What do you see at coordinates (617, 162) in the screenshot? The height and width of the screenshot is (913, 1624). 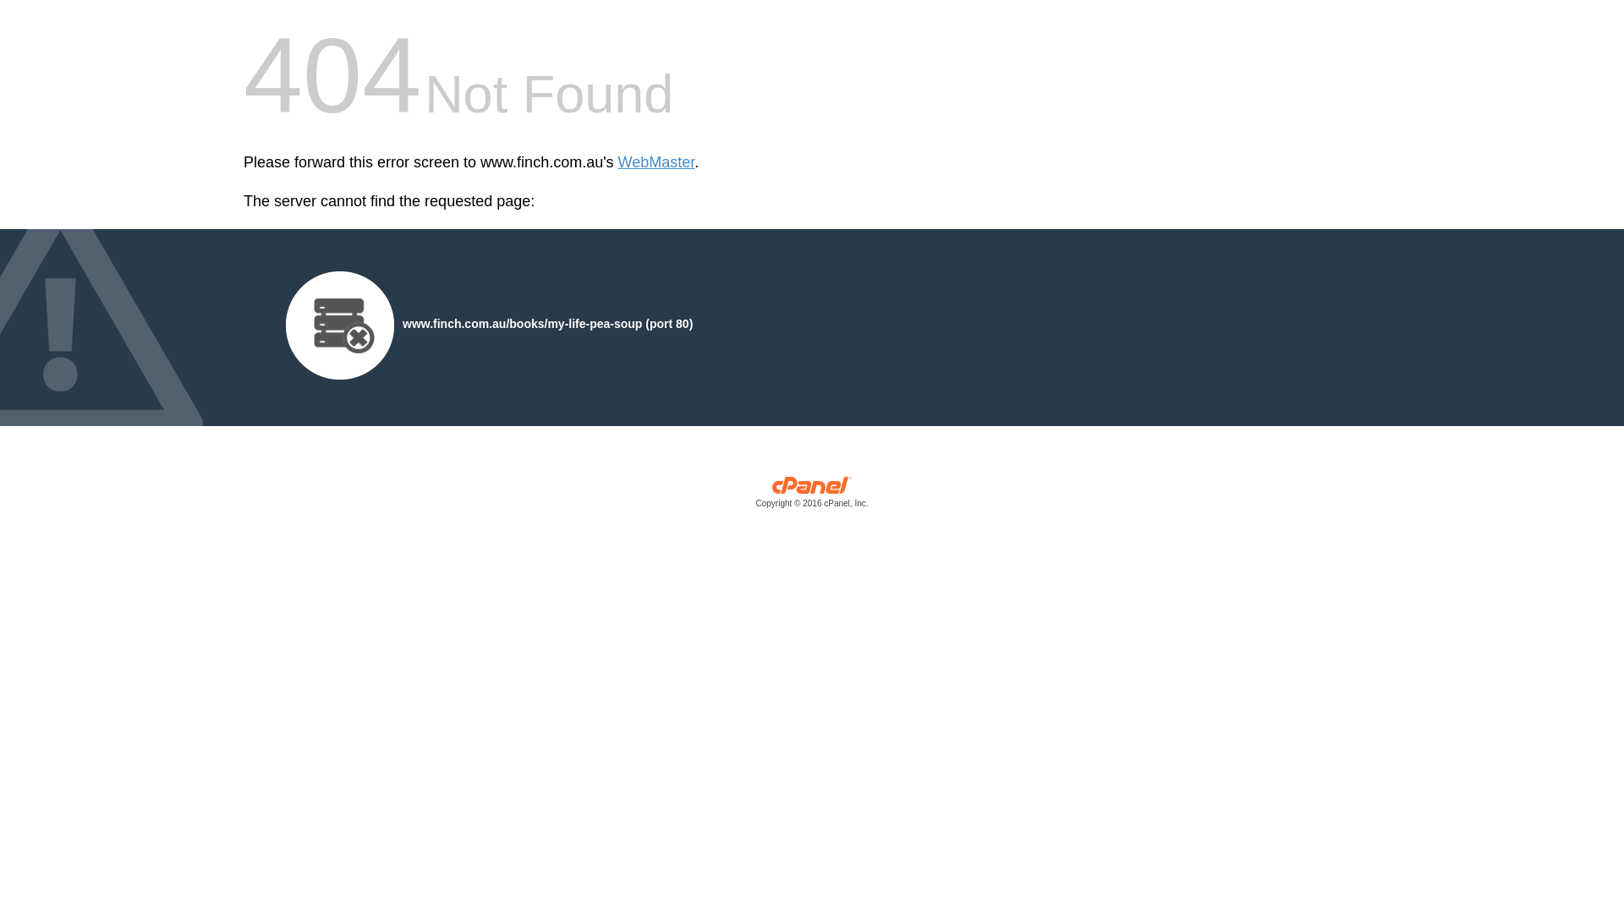 I see `'WebMaster'` at bounding box center [617, 162].